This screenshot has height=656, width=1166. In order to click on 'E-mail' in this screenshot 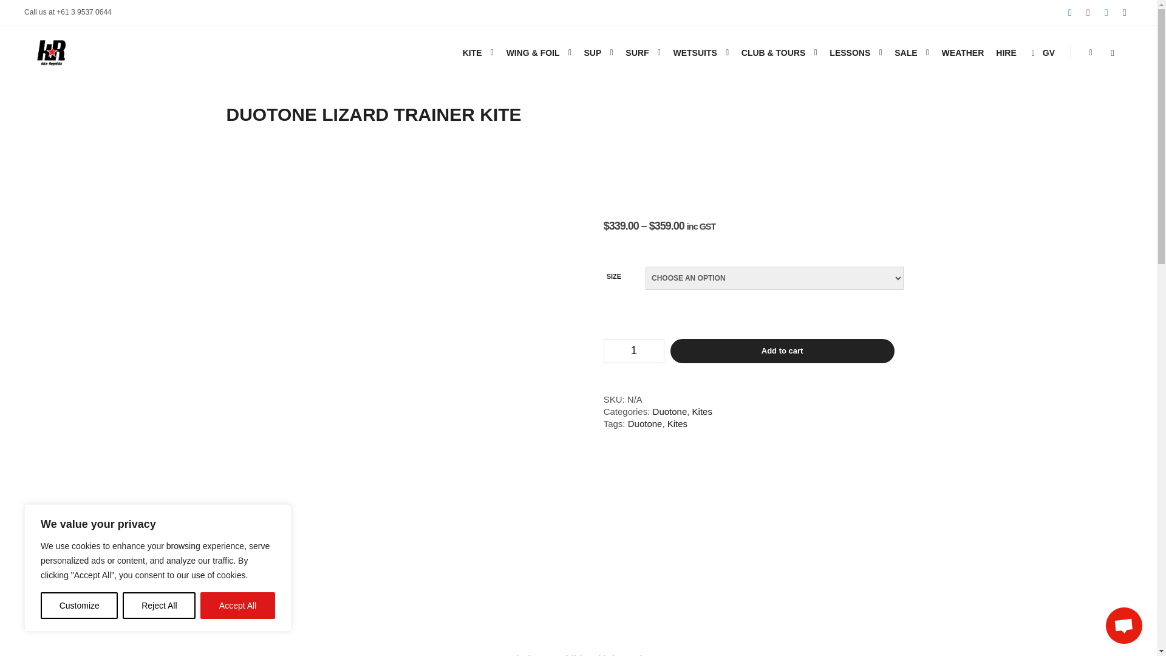, I will do `click(1124, 12)`.